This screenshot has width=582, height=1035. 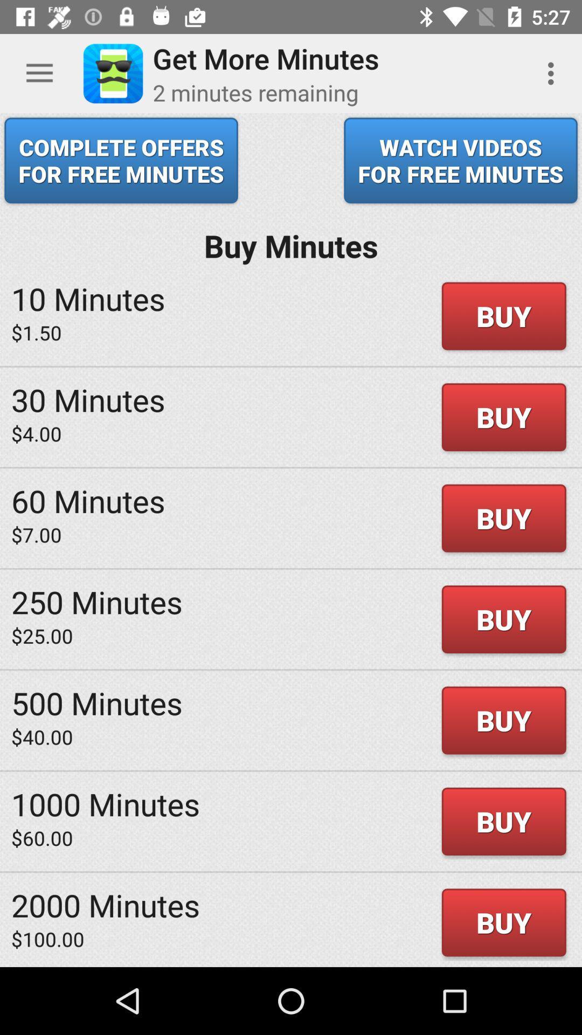 I want to click on the $1.50 icon, so click(x=36, y=332).